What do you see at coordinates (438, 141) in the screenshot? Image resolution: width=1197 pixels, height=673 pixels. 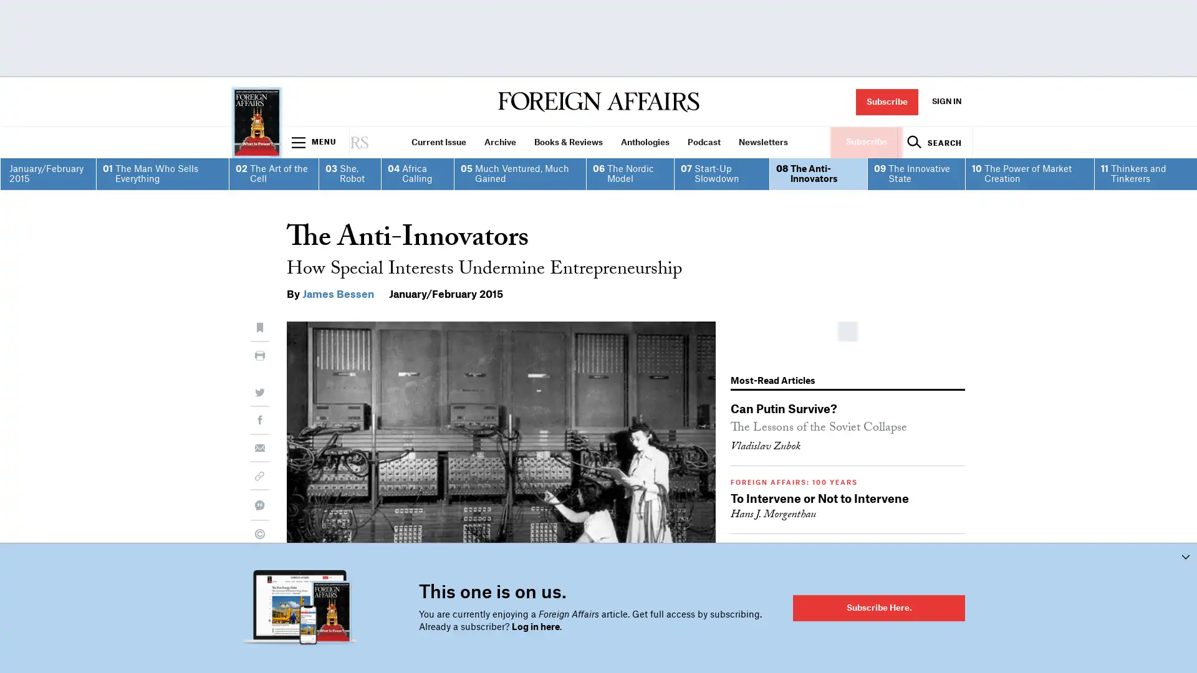 I see `Current Issue` at bounding box center [438, 141].